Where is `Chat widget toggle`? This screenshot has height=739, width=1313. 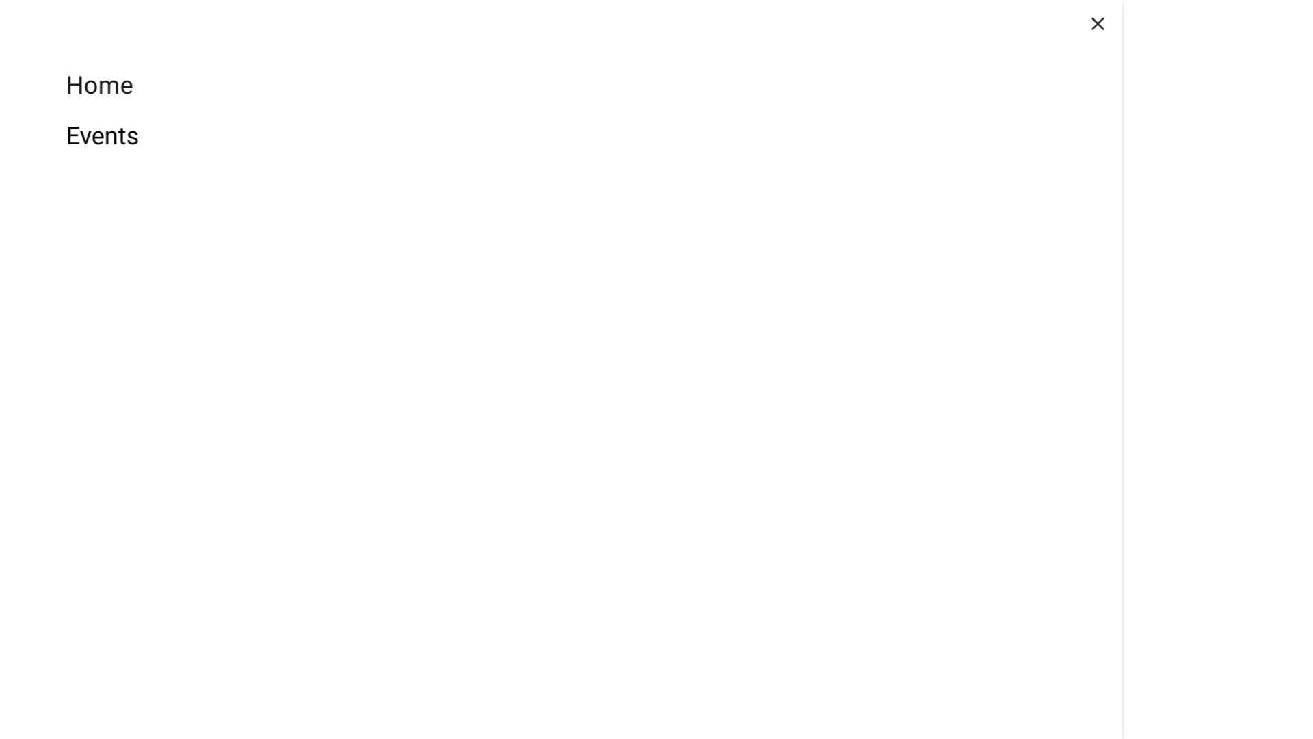 Chat widget toggle is located at coordinates (1277, 704).